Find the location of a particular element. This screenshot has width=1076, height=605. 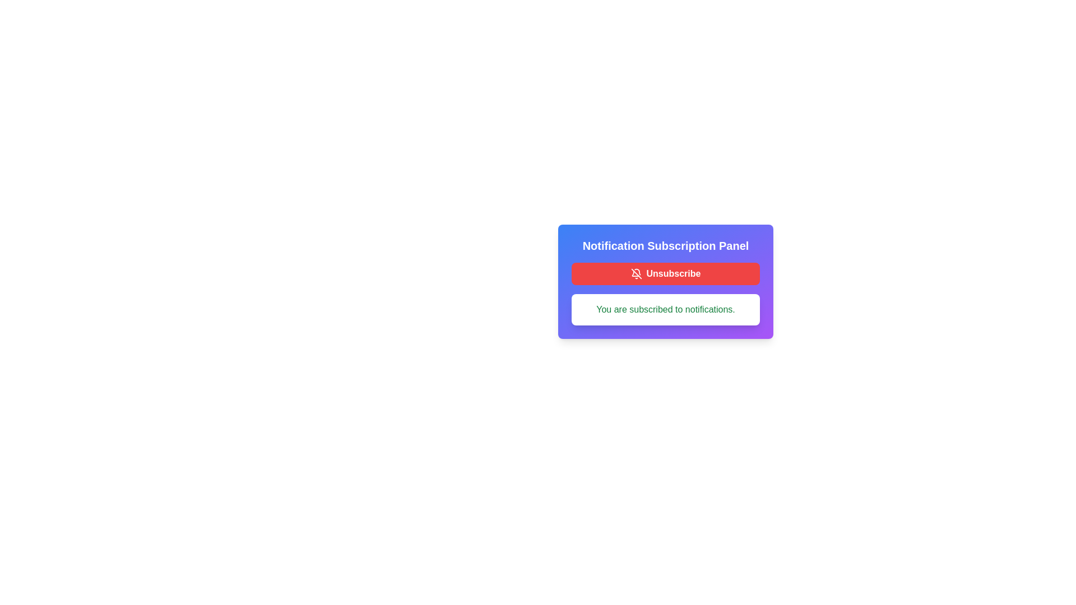

the Static Text Element that displays the user's subscription status, located beneath the red 'Unsubscribe' button in the 'Notification Subscription Panel' is located at coordinates (666, 309).